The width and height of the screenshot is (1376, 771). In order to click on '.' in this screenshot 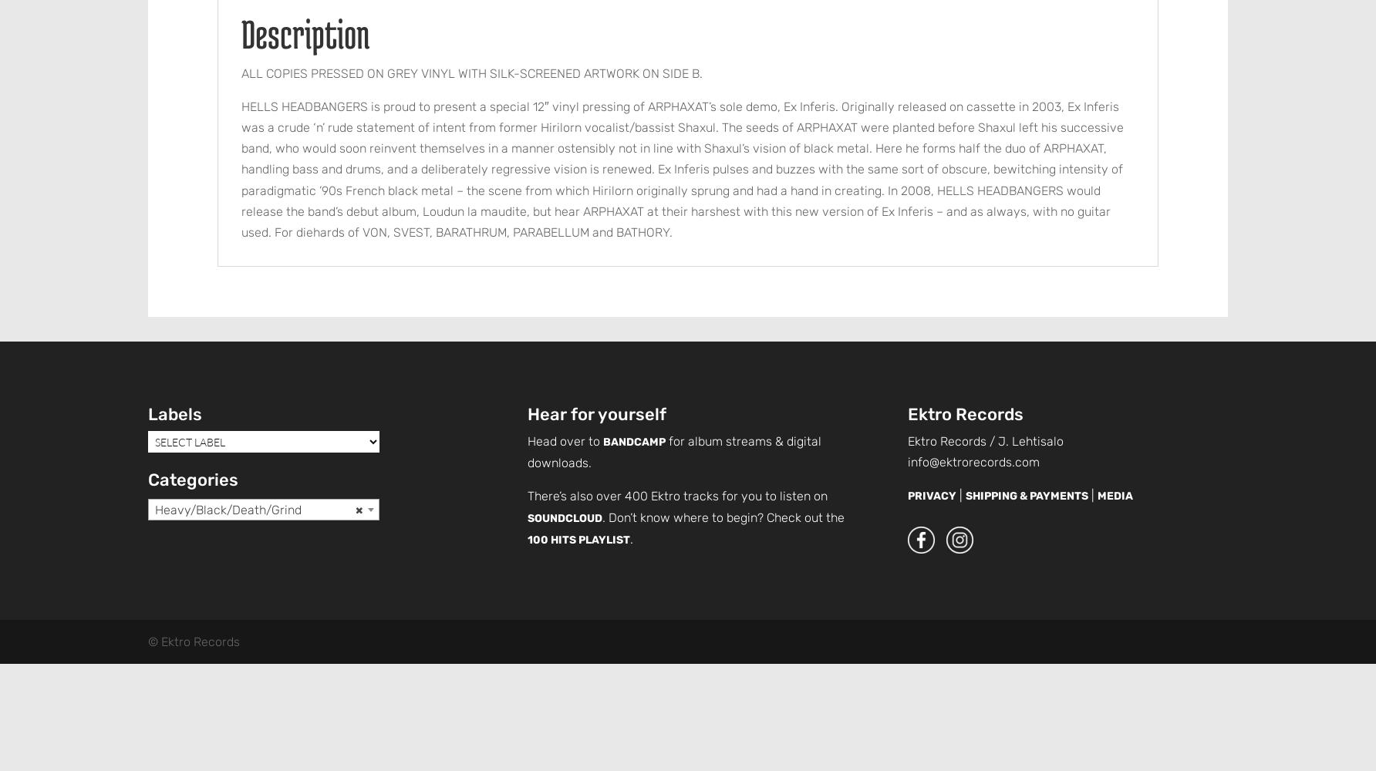, I will do `click(631, 537)`.